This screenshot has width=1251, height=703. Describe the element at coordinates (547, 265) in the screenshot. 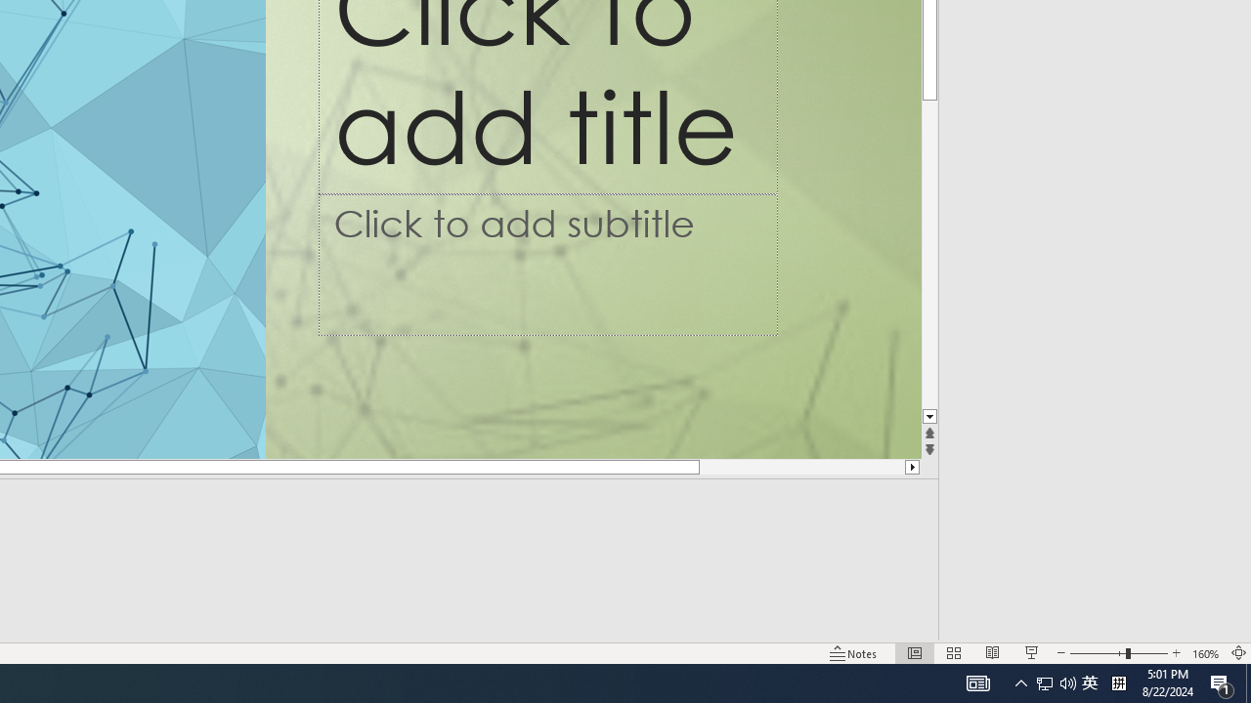

I see `'Subtitle TextBox'` at that location.